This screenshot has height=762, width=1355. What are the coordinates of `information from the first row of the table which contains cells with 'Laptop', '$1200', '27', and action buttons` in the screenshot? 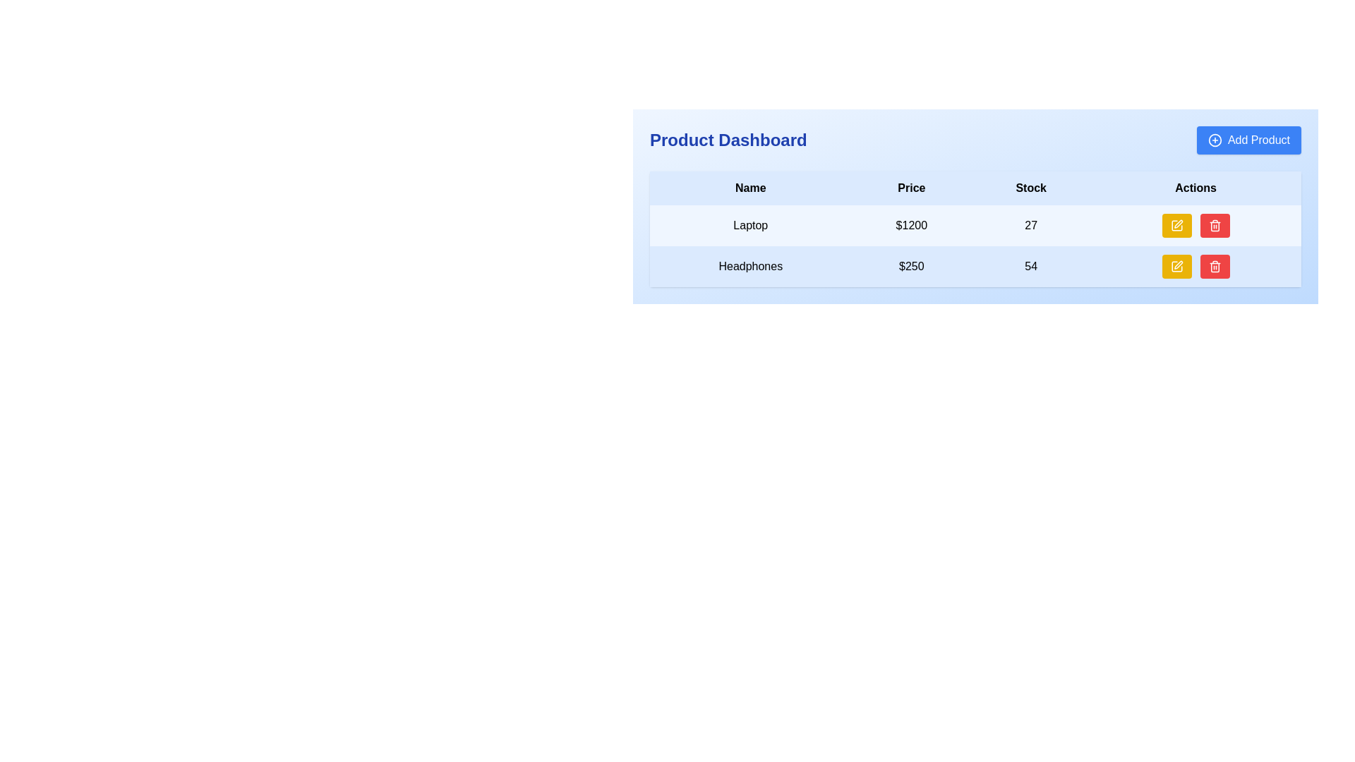 It's located at (975, 225).